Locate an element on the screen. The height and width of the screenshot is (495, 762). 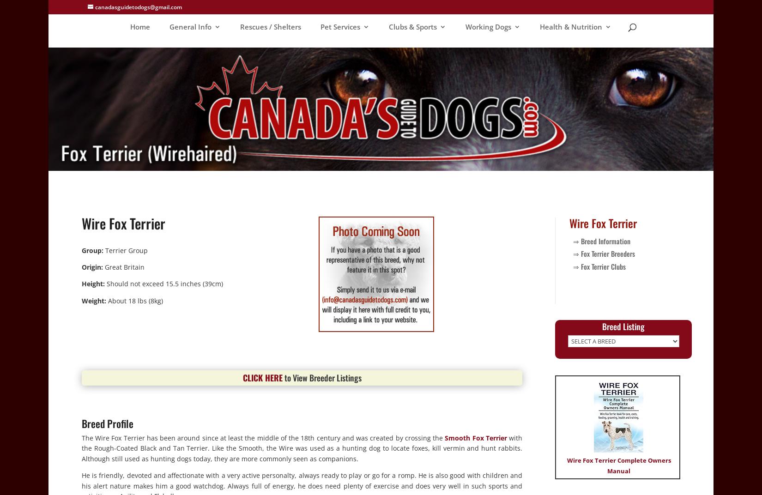
'Should not exceed 15.5 inches (39cm)' is located at coordinates (164, 284).